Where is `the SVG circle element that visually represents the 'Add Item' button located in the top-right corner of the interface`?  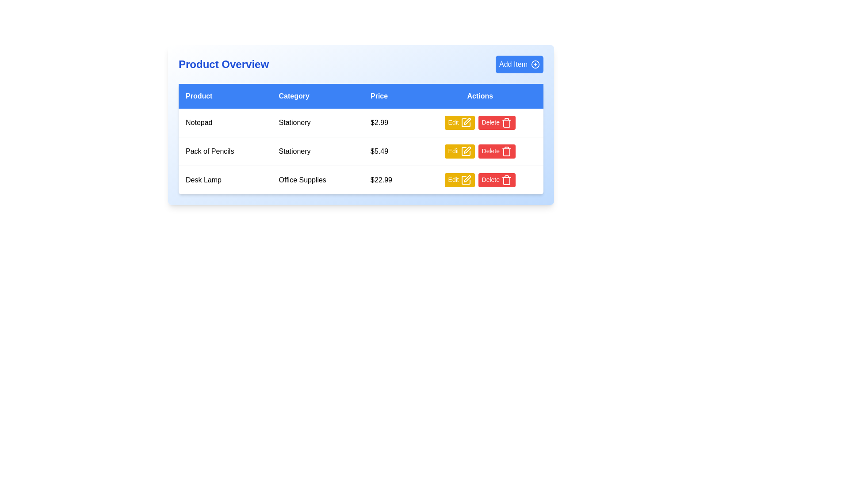 the SVG circle element that visually represents the 'Add Item' button located in the top-right corner of the interface is located at coordinates (535, 64).